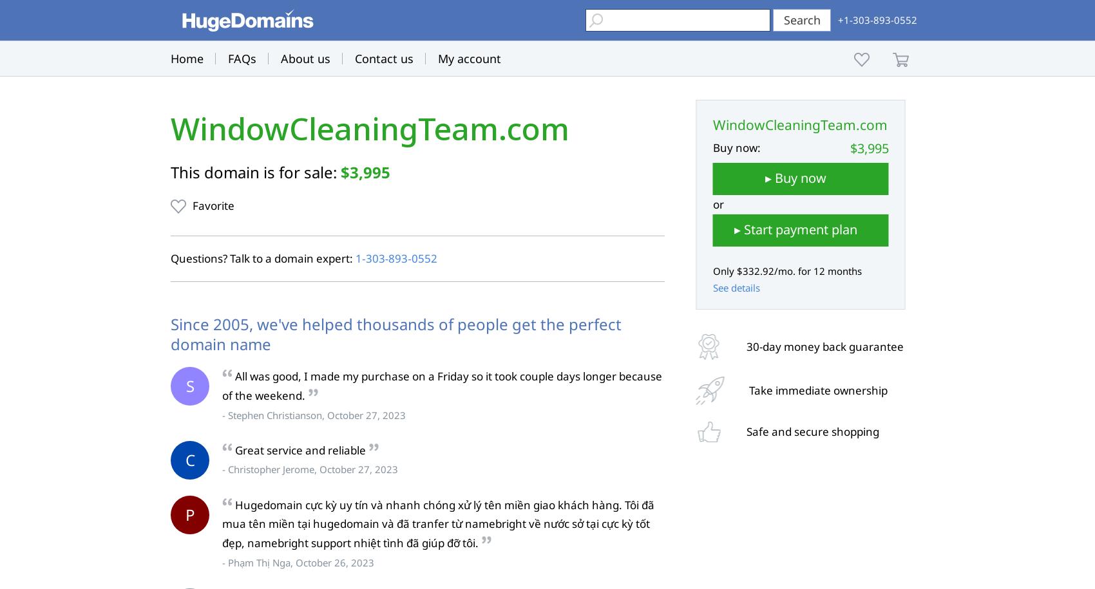 Image resolution: width=1095 pixels, height=589 pixels. I want to click on 'Search', so click(801, 20).